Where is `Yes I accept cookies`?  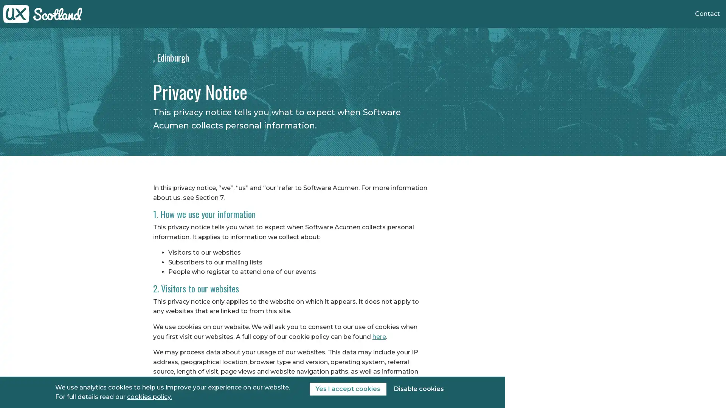 Yes I accept cookies is located at coordinates (347, 389).